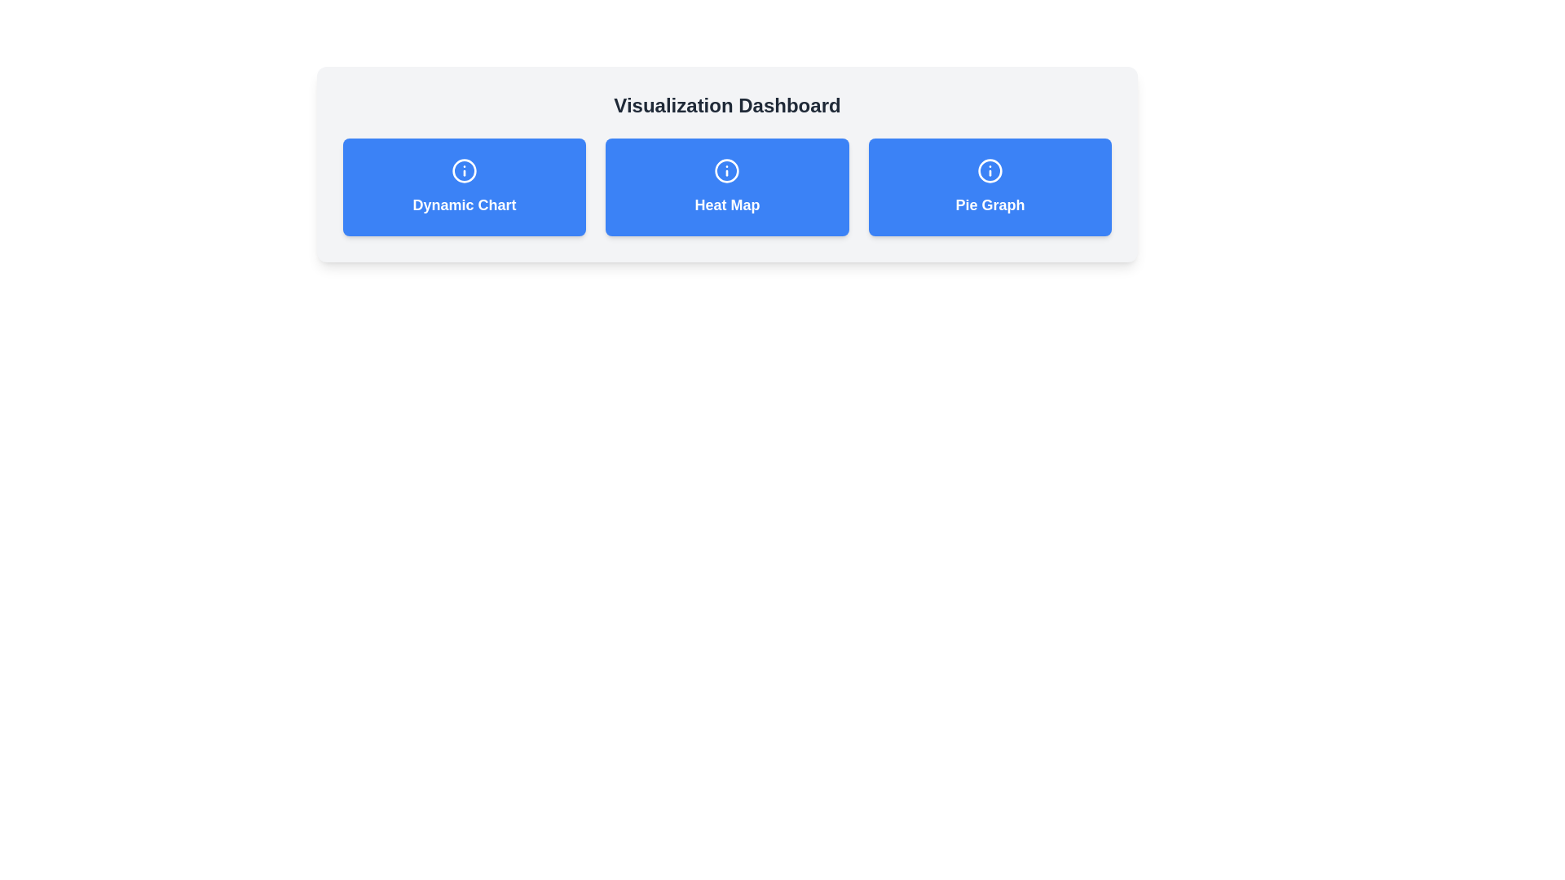 The height and width of the screenshot is (880, 1565). What do you see at coordinates (989, 204) in the screenshot?
I see `the text label that serves as a descriptive title for the Pie Graph visualization, located at the bottom of the blue rectangle` at bounding box center [989, 204].